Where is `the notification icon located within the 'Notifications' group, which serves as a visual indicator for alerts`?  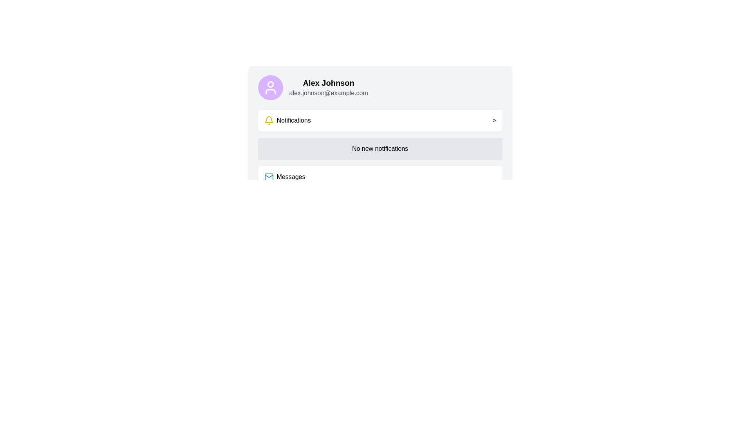
the notification icon located within the 'Notifications' group, which serves as a visual indicator for alerts is located at coordinates (269, 121).